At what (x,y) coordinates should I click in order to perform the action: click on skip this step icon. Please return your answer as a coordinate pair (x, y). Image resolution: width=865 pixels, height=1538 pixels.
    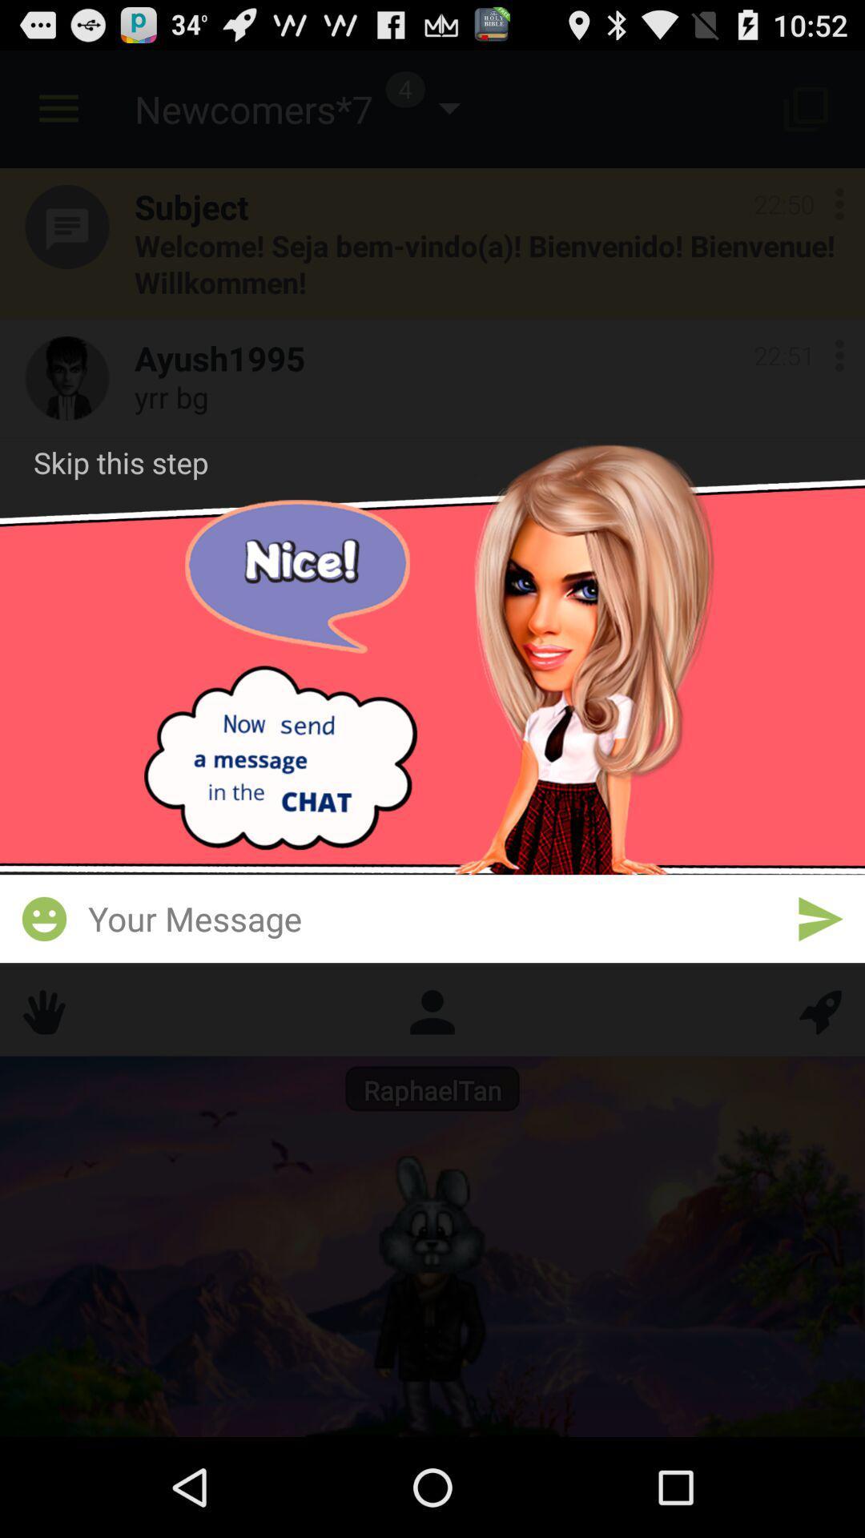
    Looking at the image, I should click on (120, 461).